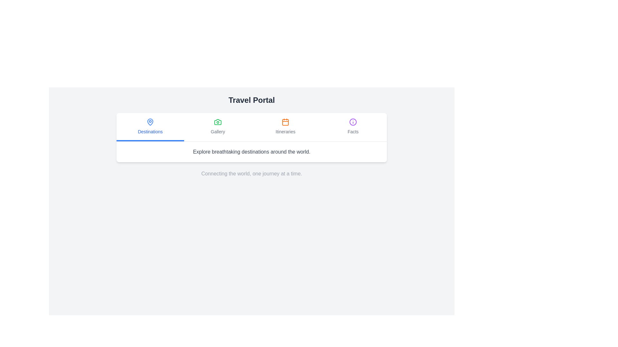 Image resolution: width=618 pixels, height=347 pixels. I want to click on the button labeled 'Itineraries' with a calendar icon, so click(285, 127).